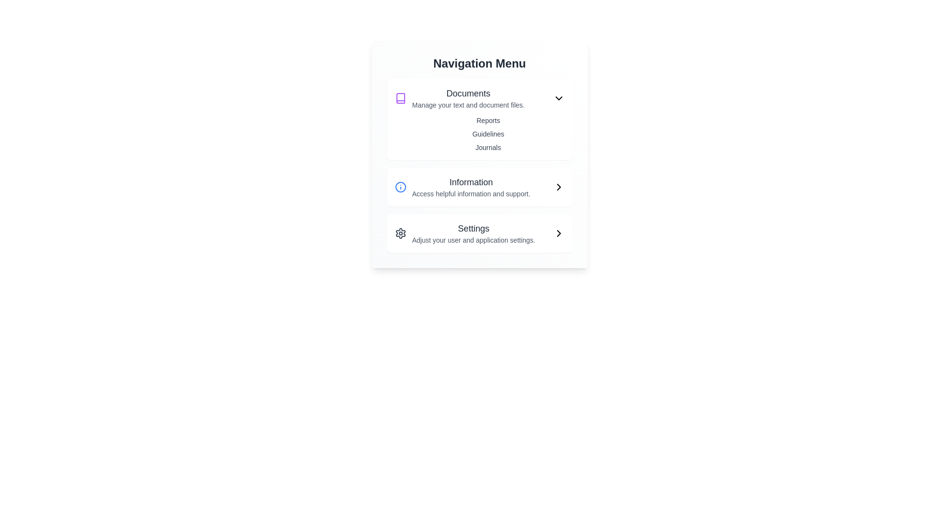 Image resolution: width=926 pixels, height=521 pixels. I want to click on the settings icon, which is visually represented and located to the left of the 'Settings' text in the bottom section of the menu layout, so click(400, 233).